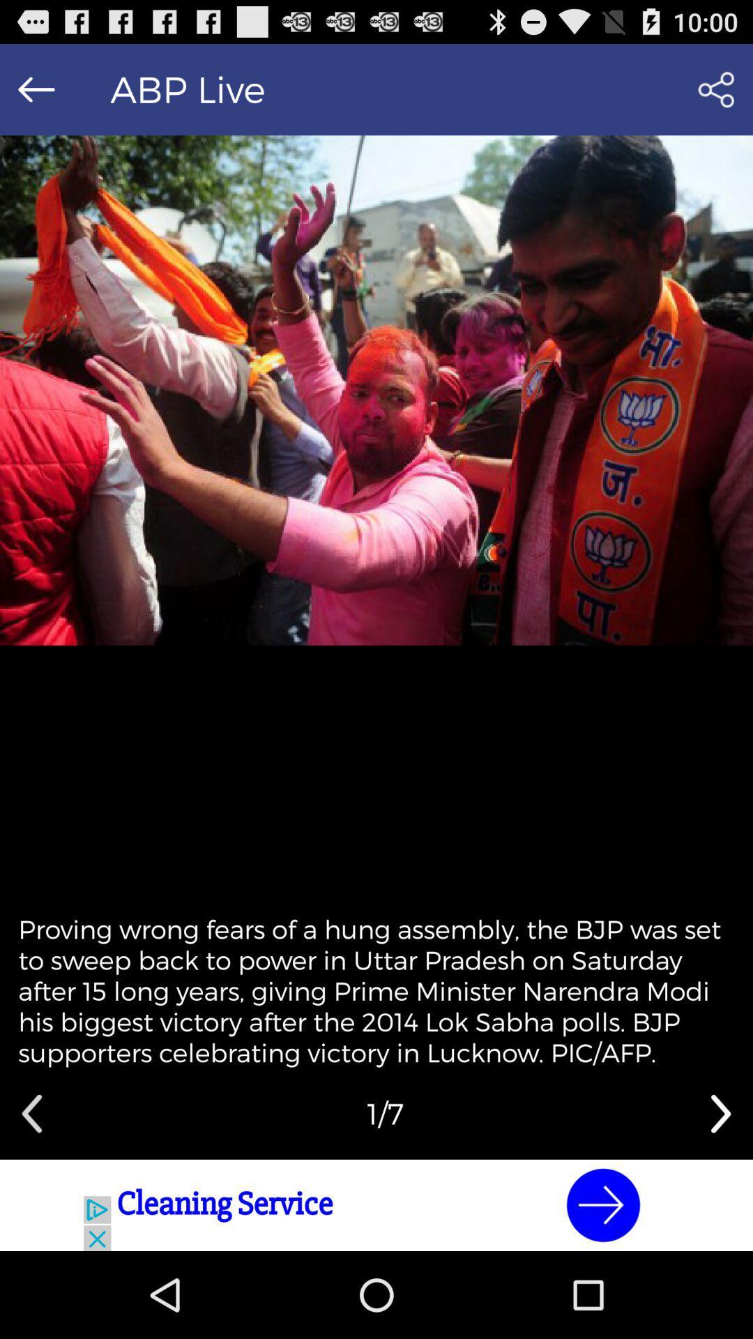 The image size is (753, 1339). What do you see at coordinates (716, 89) in the screenshot?
I see `share button` at bounding box center [716, 89].